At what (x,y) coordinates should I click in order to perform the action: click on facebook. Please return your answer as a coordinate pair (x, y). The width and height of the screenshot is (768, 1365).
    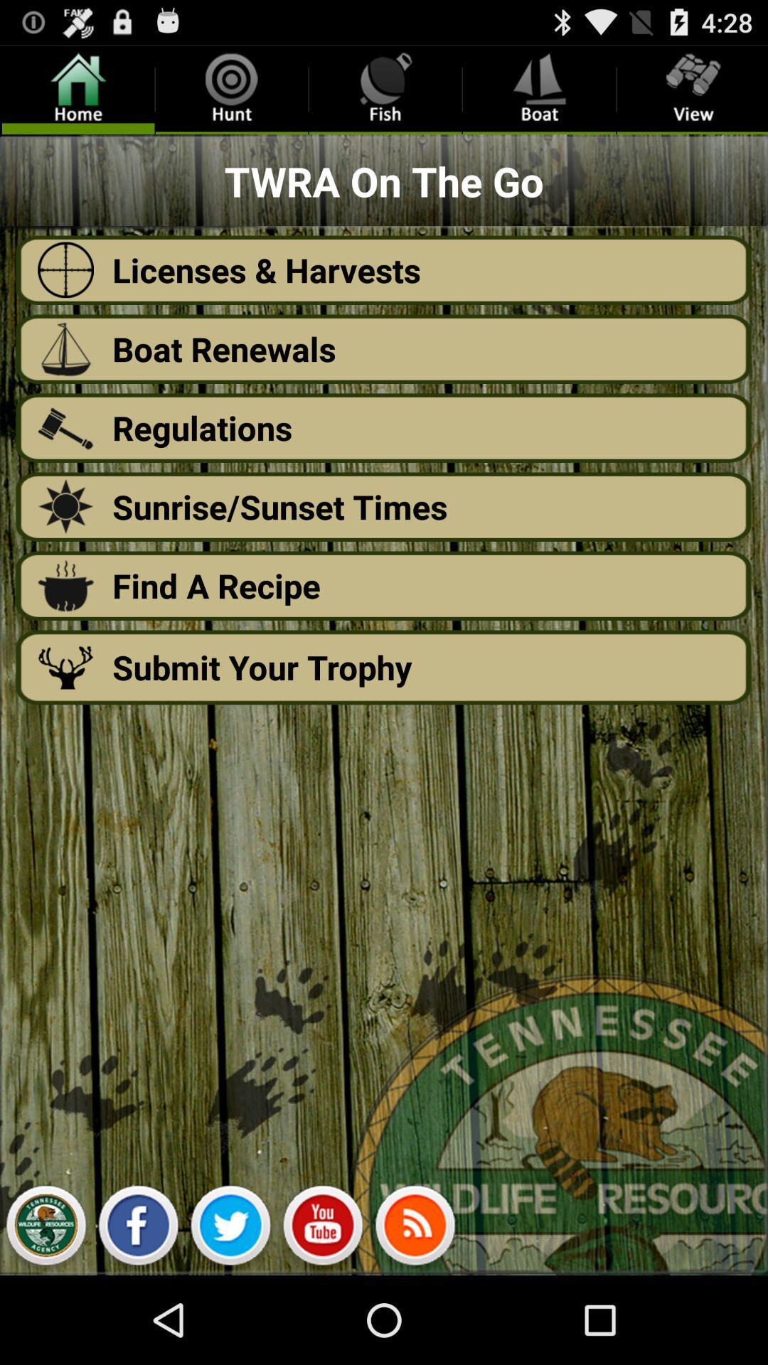
    Looking at the image, I should click on (138, 1228).